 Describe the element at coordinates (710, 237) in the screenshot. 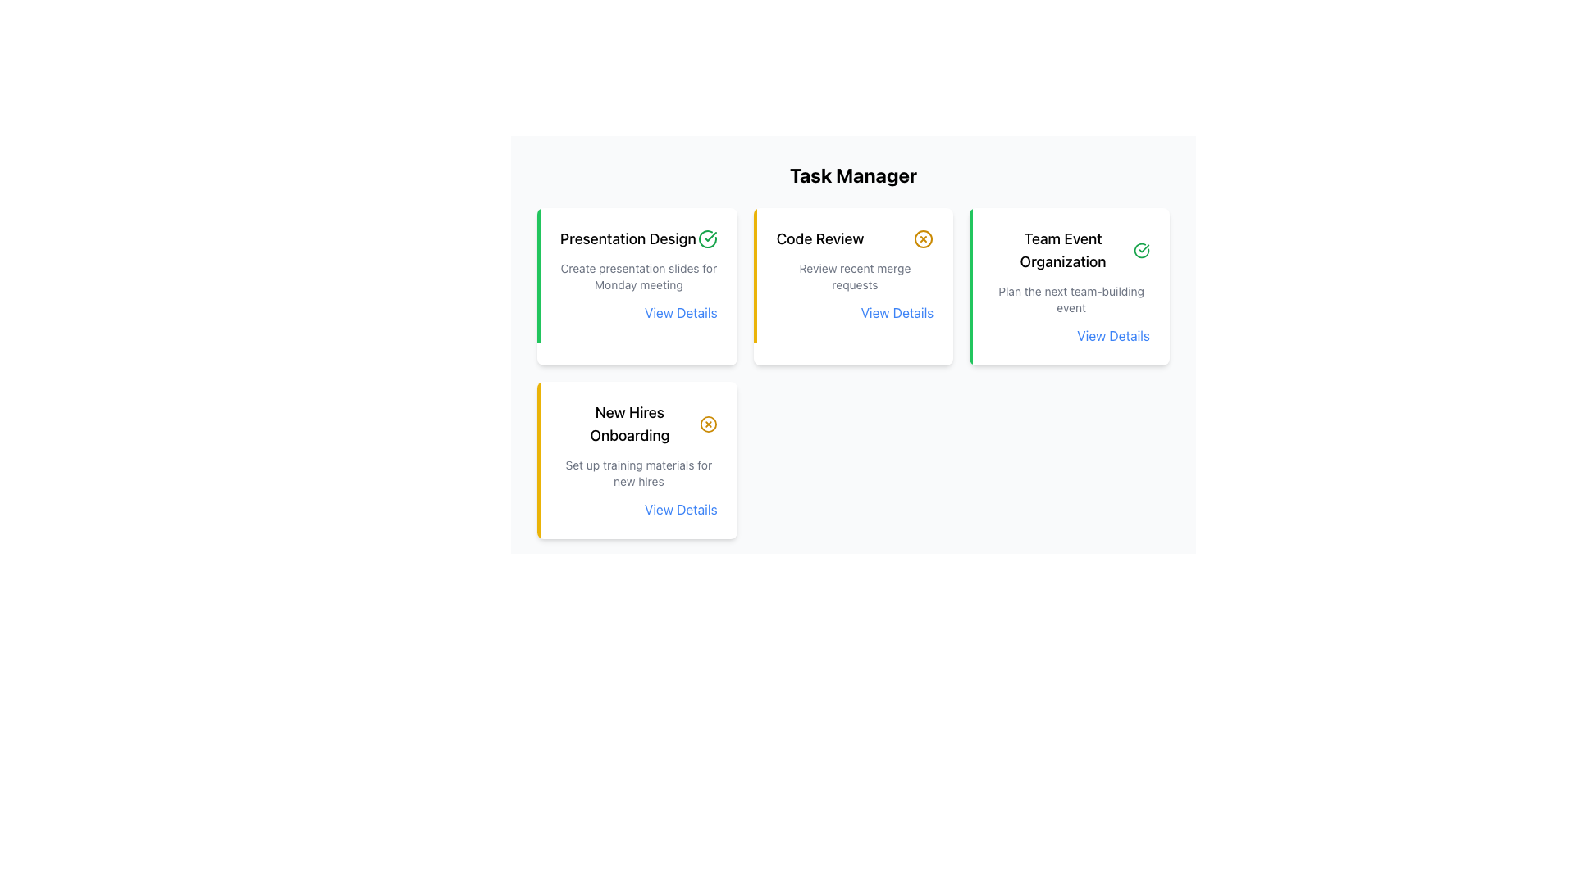

I see `the success indicator icon located in the circular graphic at the top-right corner of the 'Presentation Design' card` at that location.